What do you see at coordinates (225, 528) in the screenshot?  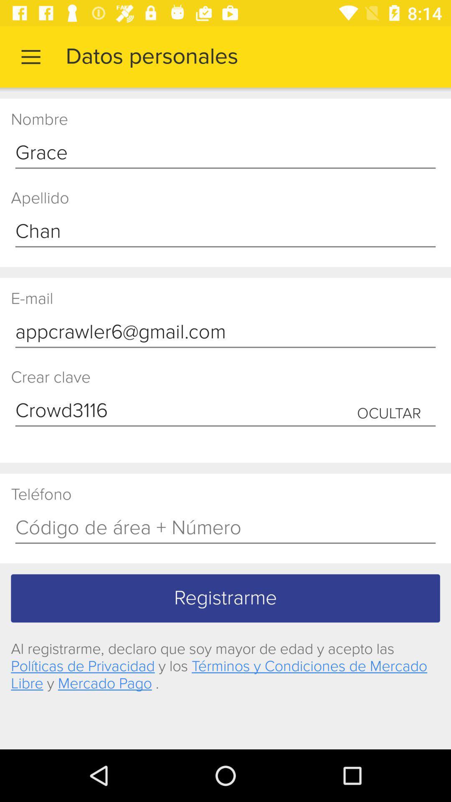 I see `your telephone number` at bounding box center [225, 528].